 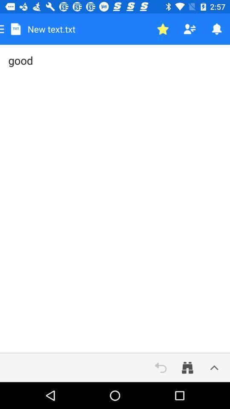 I want to click on star status, so click(x=163, y=29).